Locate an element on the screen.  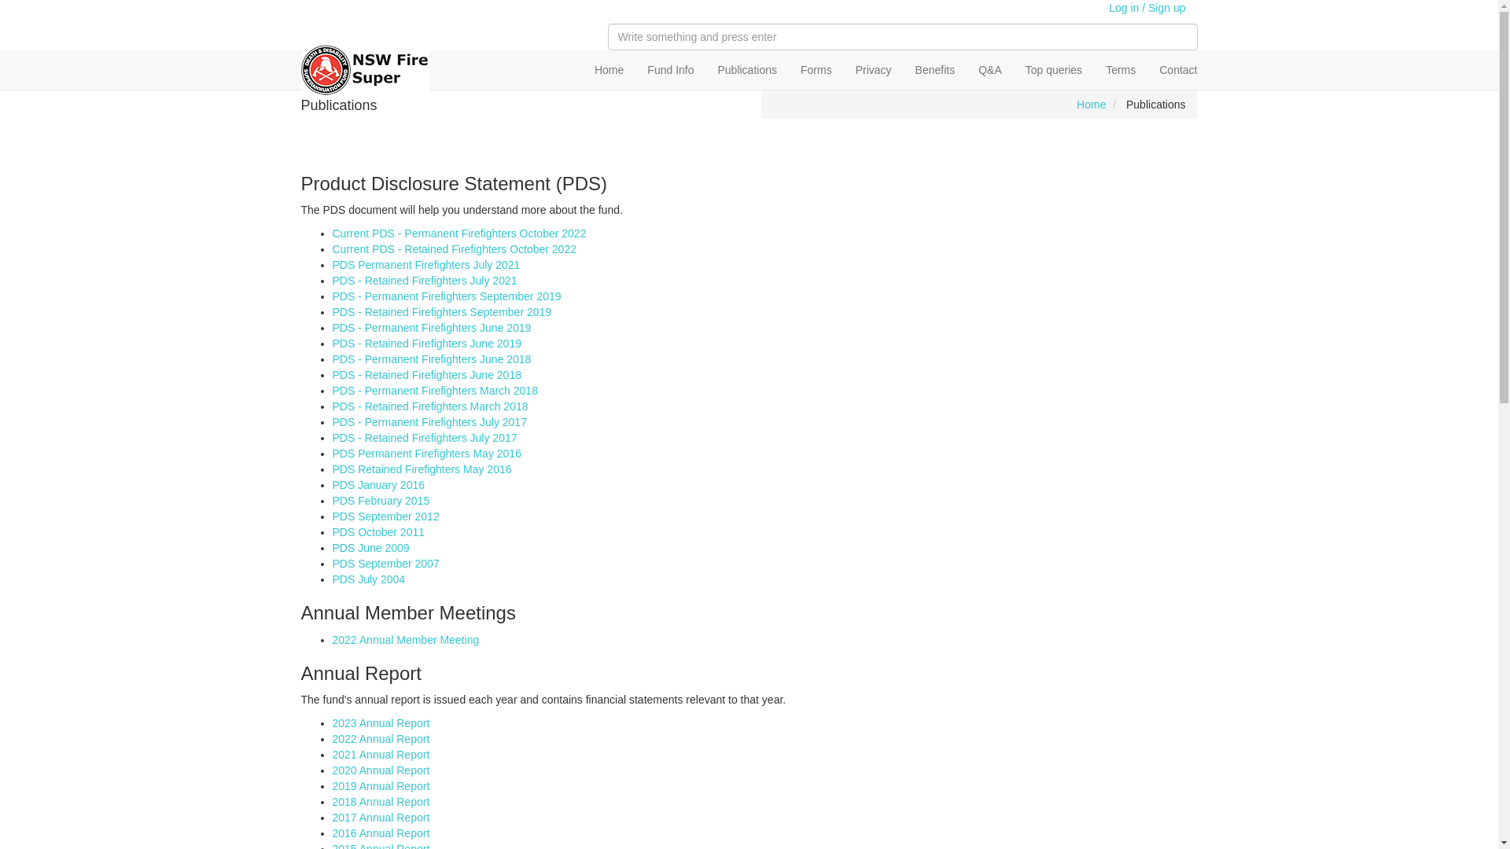
'PDS - Retained Firefighters September 2019' is located at coordinates (440, 312).